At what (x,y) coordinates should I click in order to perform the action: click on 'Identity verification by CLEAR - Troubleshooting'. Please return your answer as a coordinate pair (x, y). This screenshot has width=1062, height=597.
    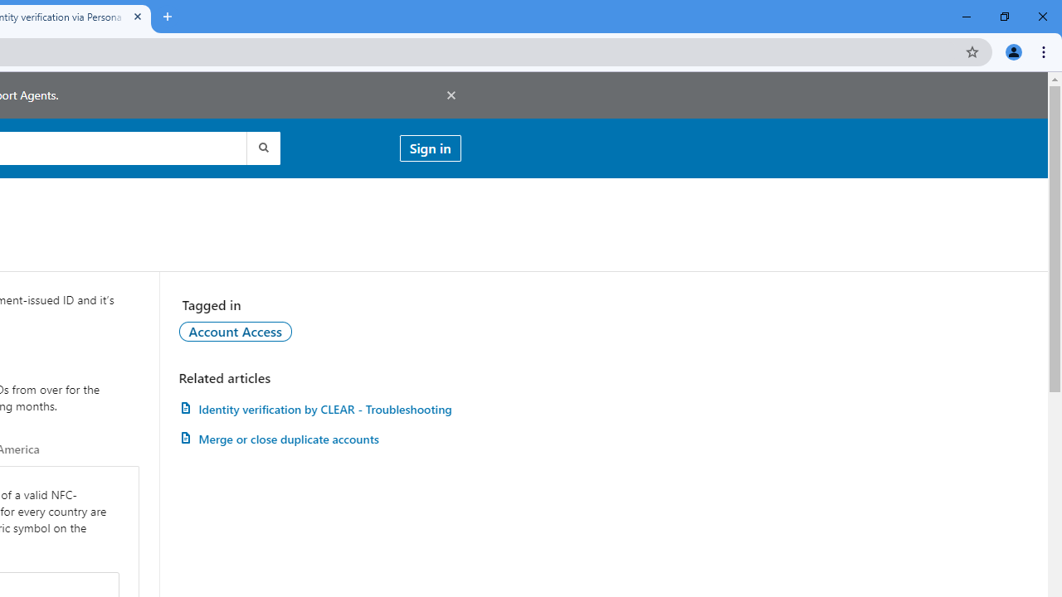
    Looking at the image, I should click on (319, 409).